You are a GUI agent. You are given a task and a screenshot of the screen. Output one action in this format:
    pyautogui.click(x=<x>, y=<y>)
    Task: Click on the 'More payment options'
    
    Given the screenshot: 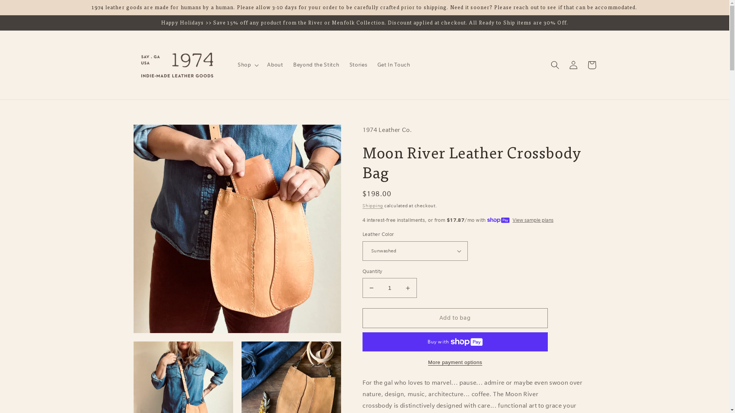 What is the action you would take?
    pyautogui.click(x=455, y=362)
    